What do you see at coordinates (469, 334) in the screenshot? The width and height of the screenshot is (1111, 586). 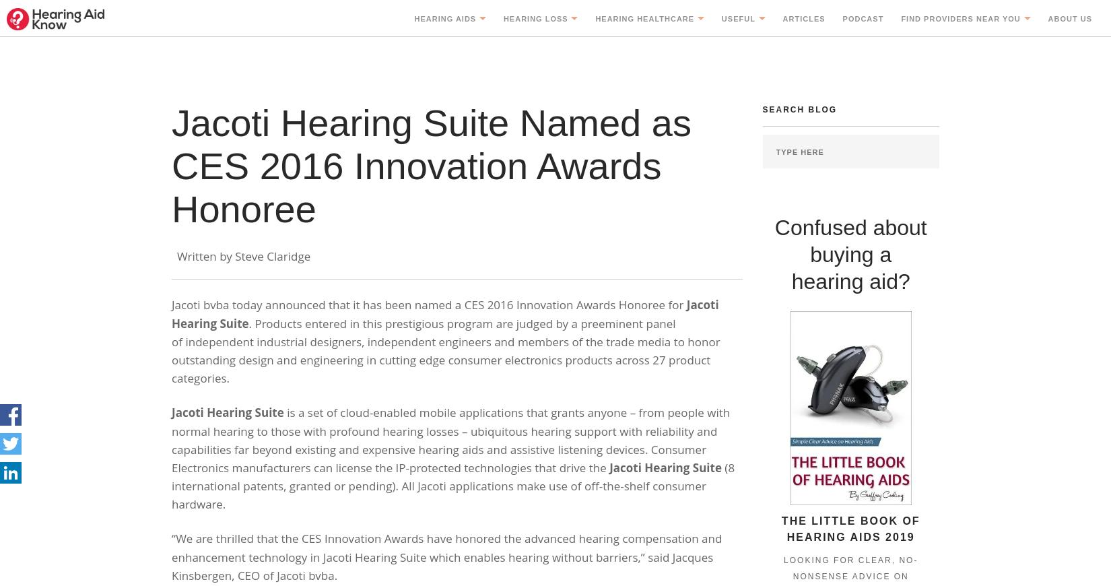 I see `'RIC Hearing Aids'` at bounding box center [469, 334].